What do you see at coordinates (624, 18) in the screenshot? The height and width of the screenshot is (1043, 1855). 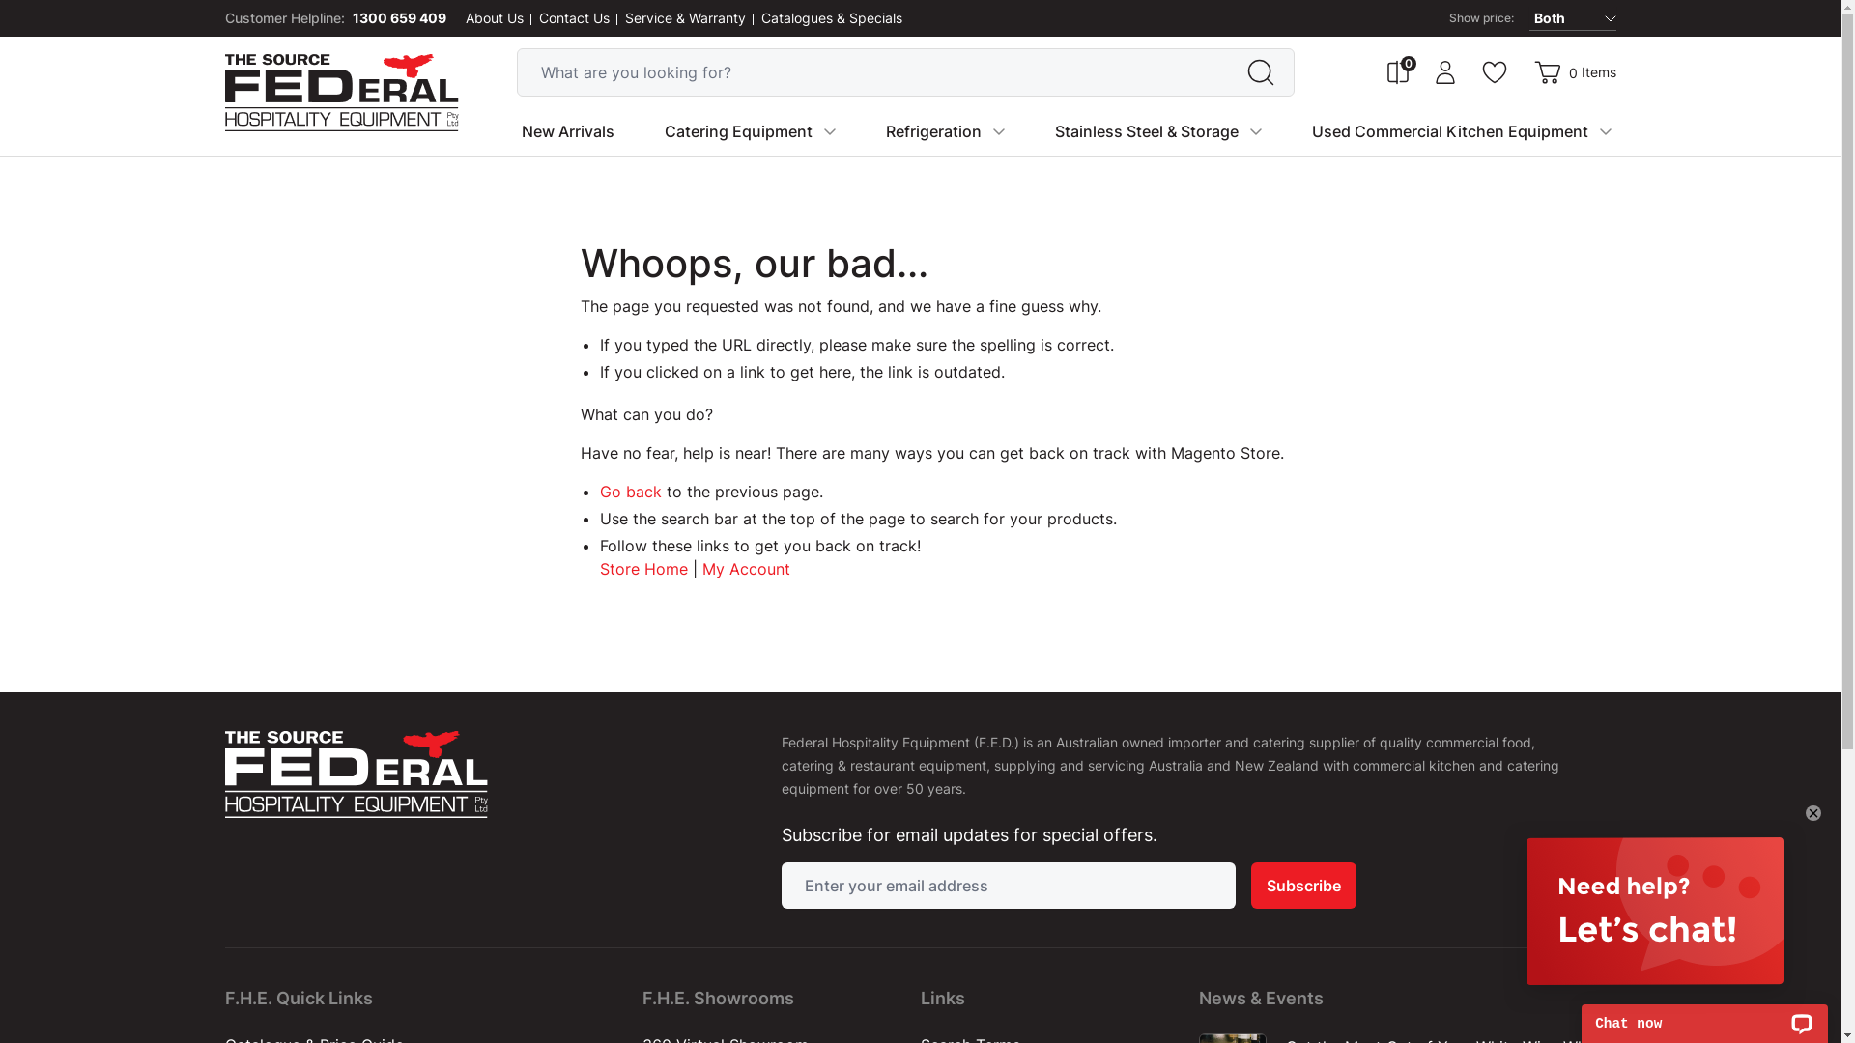 I see `'Service & Warranty'` at bounding box center [624, 18].